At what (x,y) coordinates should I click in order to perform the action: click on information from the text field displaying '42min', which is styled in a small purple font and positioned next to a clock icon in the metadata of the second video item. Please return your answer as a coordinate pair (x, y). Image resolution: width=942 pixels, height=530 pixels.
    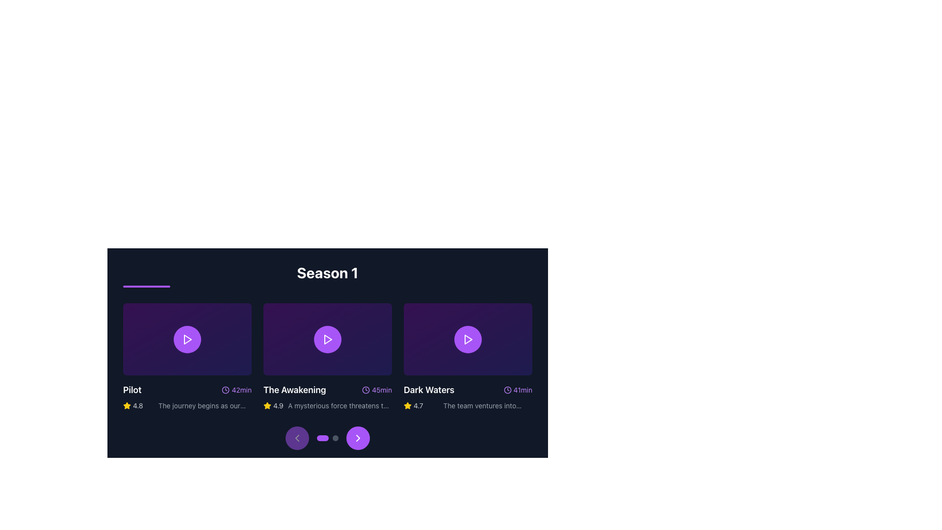
    Looking at the image, I should click on (241, 390).